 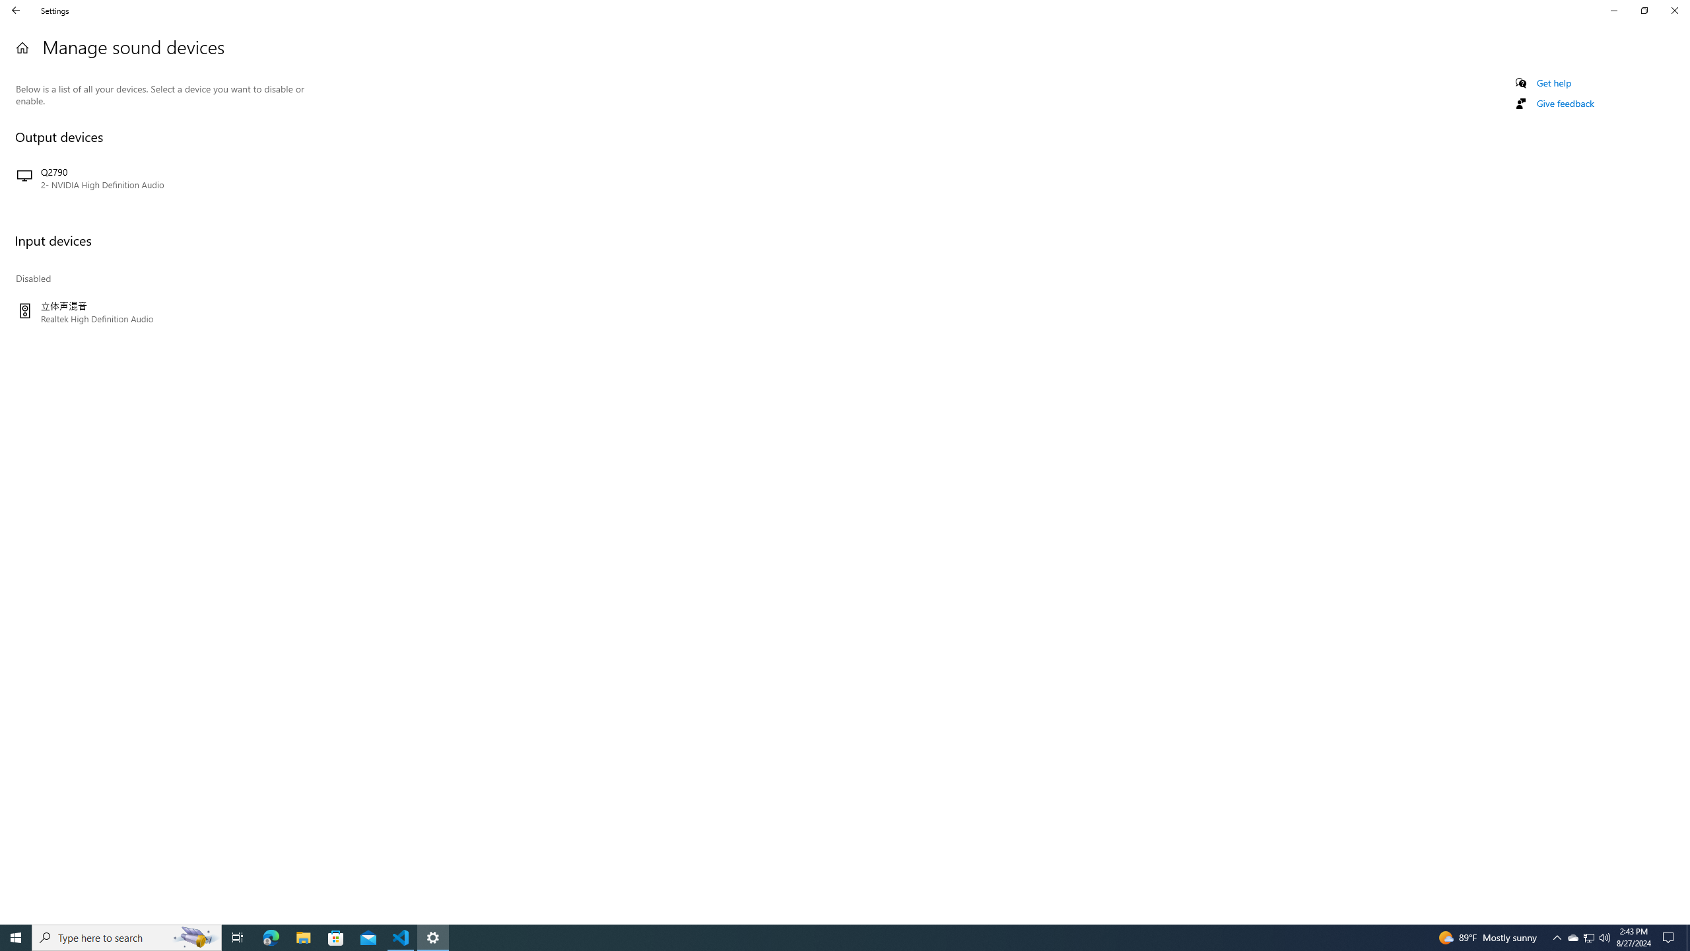 What do you see at coordinates (1564, 103) in the screenshot?
I see `'Give feedback'` at bounding box center [1564, 103].